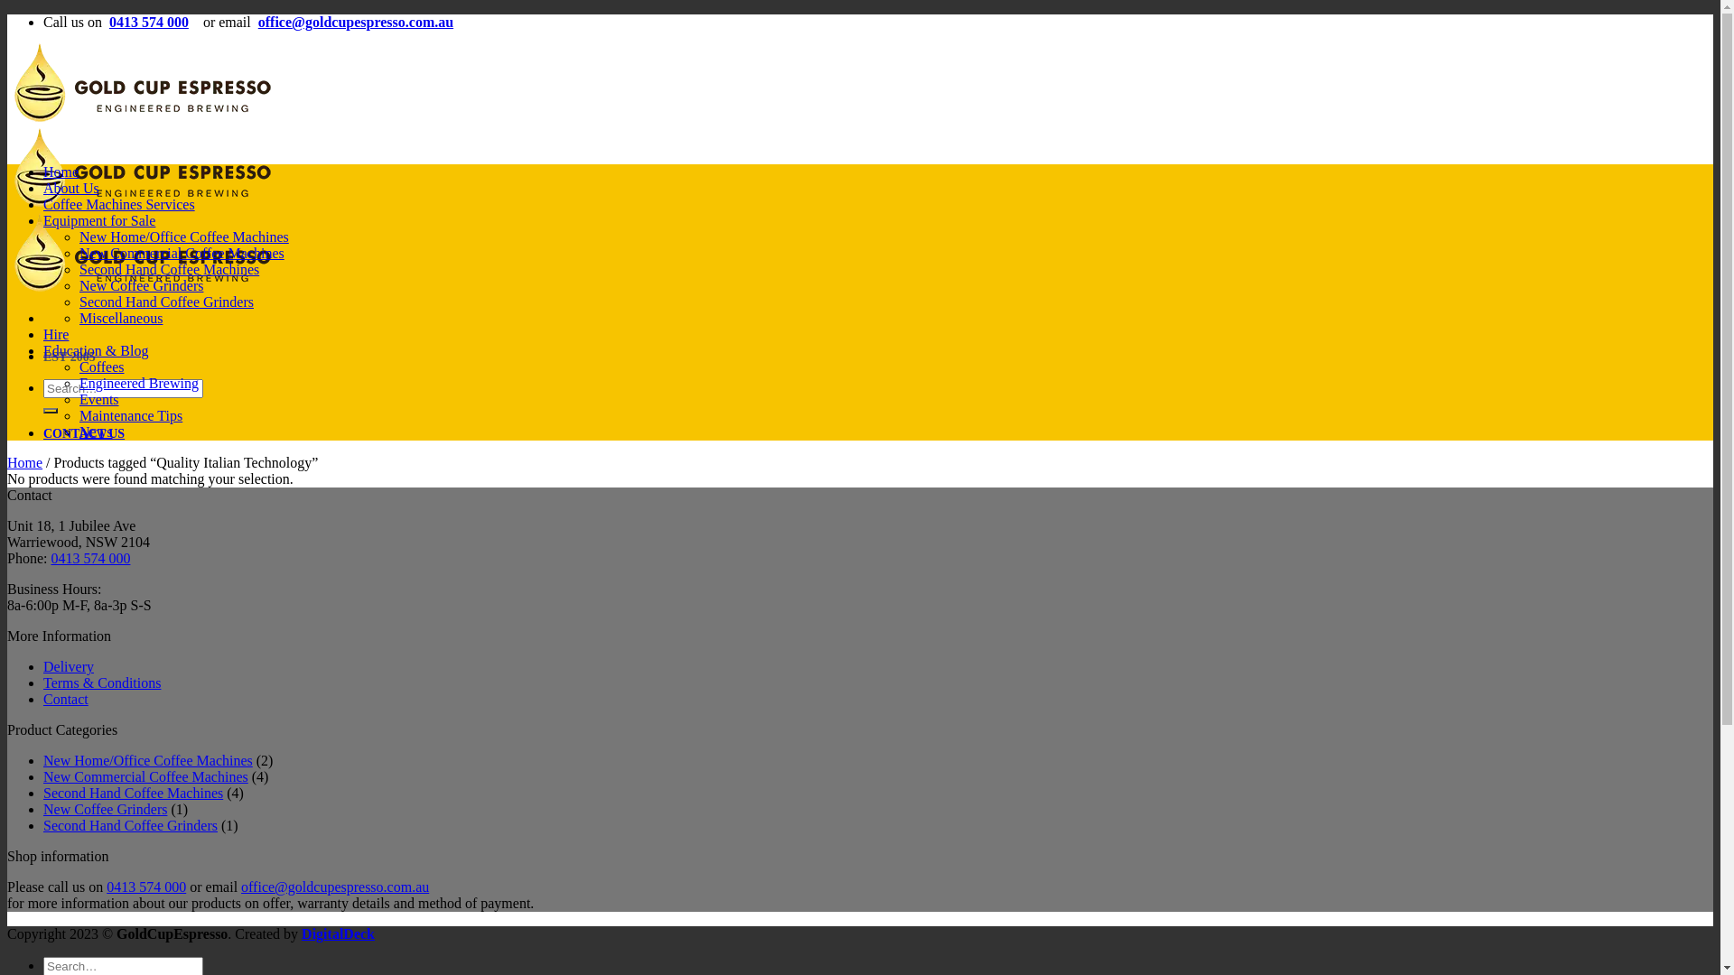 Image resolution: width=1734 pixels, height=975 pixels. Describe the element at coordinates (43, 188) in the screenshot. I see `'About Us'` at that location.